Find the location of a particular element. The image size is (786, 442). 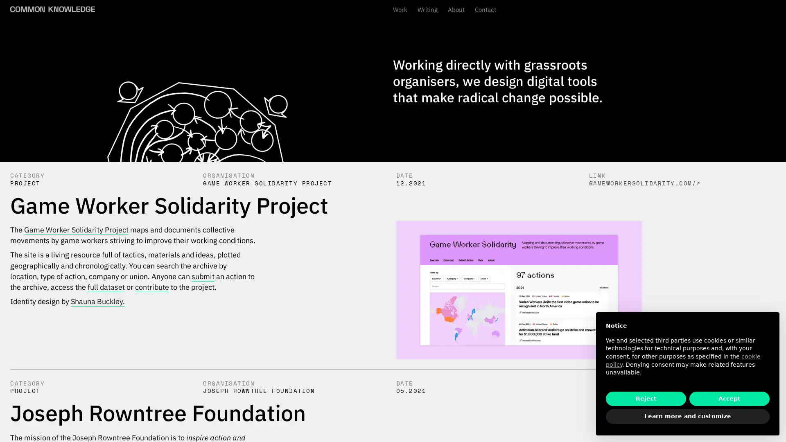

Accept is located at coordinates (729, 398).